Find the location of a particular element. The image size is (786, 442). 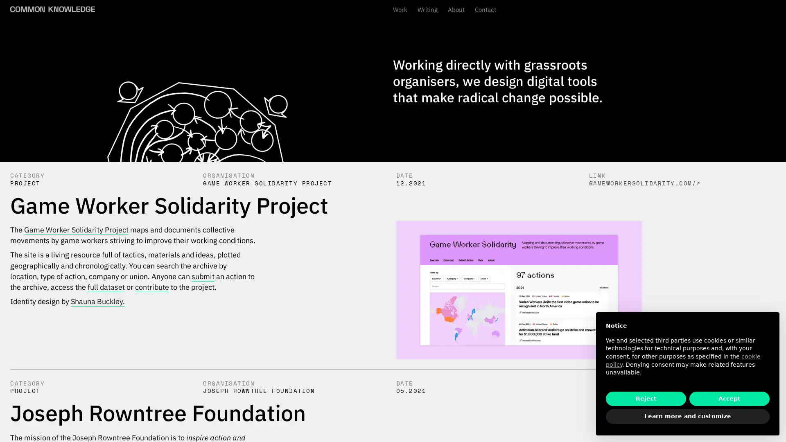

Accept is located at coordinates (729, 398).